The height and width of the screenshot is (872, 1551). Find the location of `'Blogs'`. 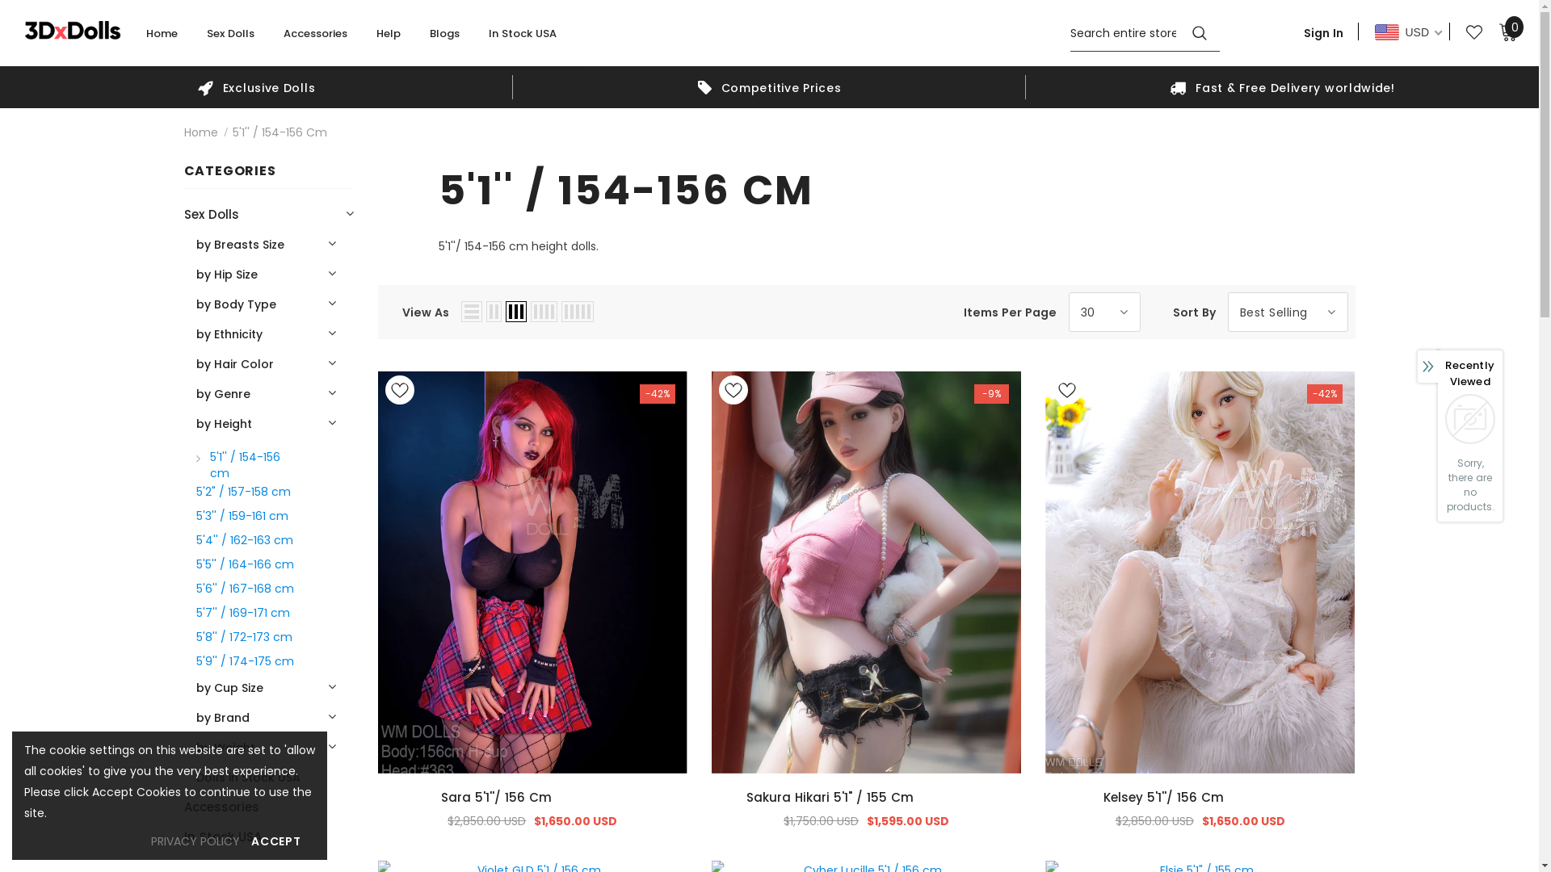

'Blogs' is located at coordinates (430, 40).